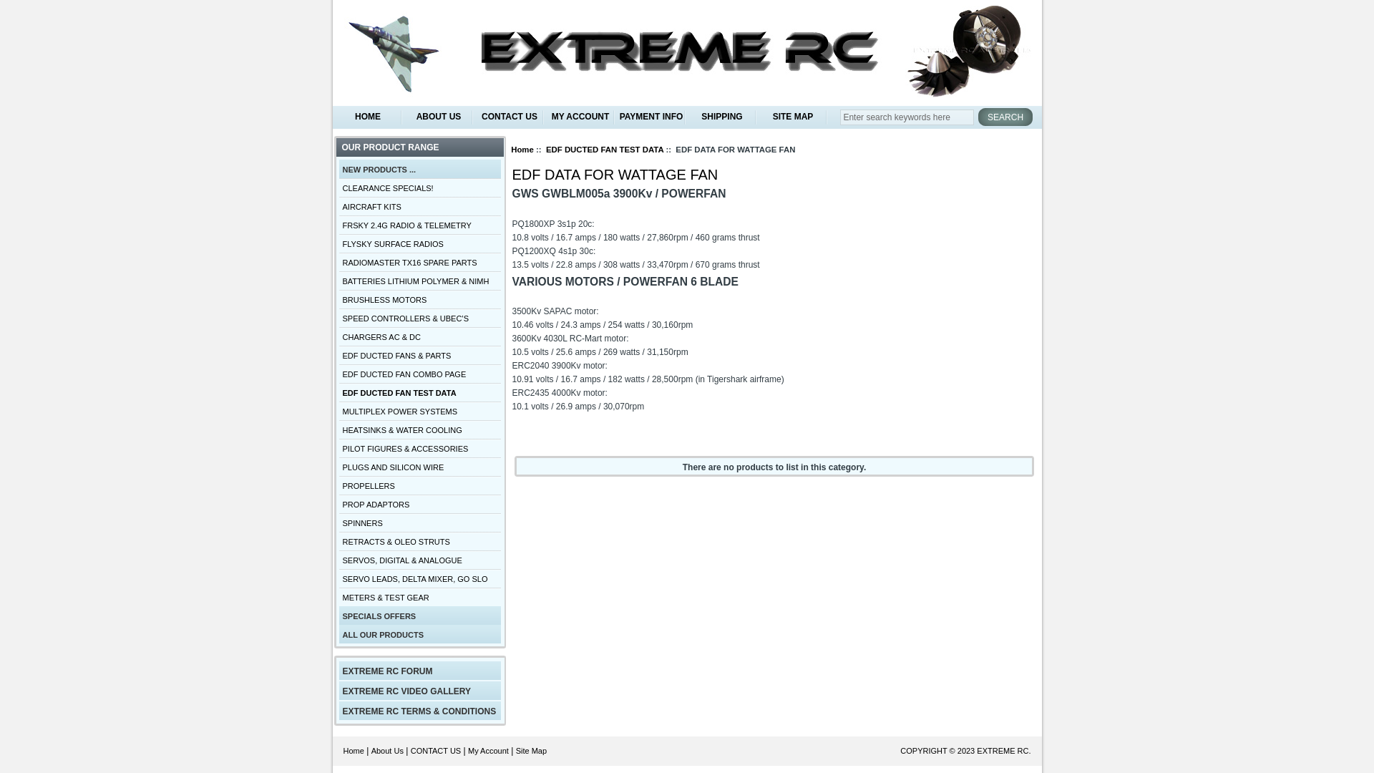 The width and height of the screenshot is (1374, 773). What do you see at coordinates (338, 298) in the screenshot?
I see `'BRUSHLESS MOTORS'` at bounding box center [338, 298].